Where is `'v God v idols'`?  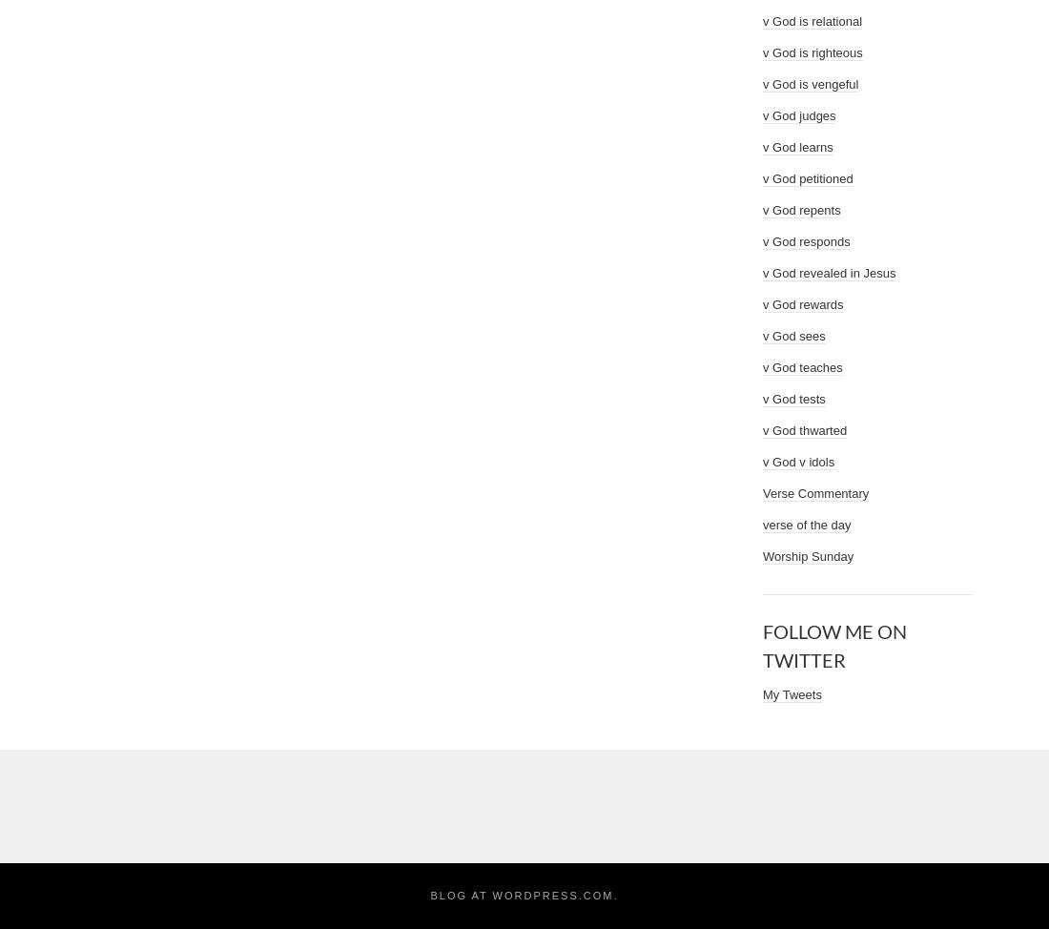 'v God v idols' is located at coordinates (797, 461).